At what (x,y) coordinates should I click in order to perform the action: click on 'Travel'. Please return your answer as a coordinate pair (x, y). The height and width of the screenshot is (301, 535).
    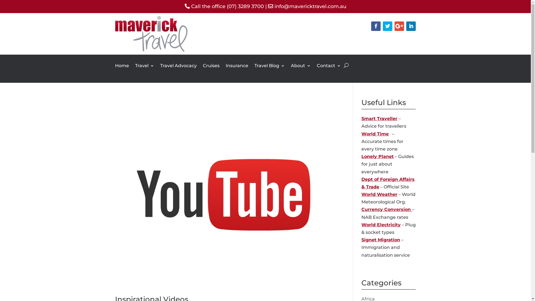
    Looking at the image, I should click on (144, 69).